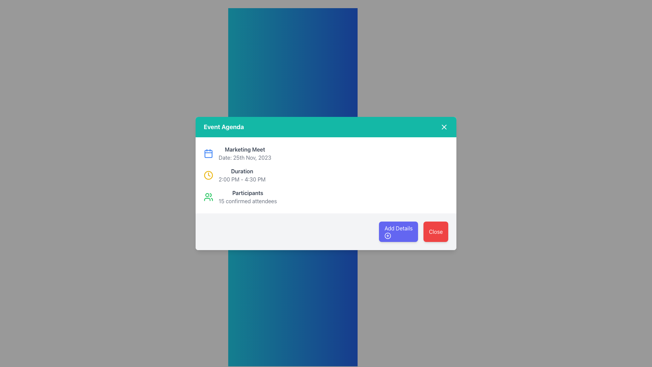  What do you see at coordinates (244, 153) in the screenshot?
I see `the topmost text block displaying the title and date information of an event in the 'Event Agenda' card, located to the right of a blue calendar icon` at bounding box center [244, 153].